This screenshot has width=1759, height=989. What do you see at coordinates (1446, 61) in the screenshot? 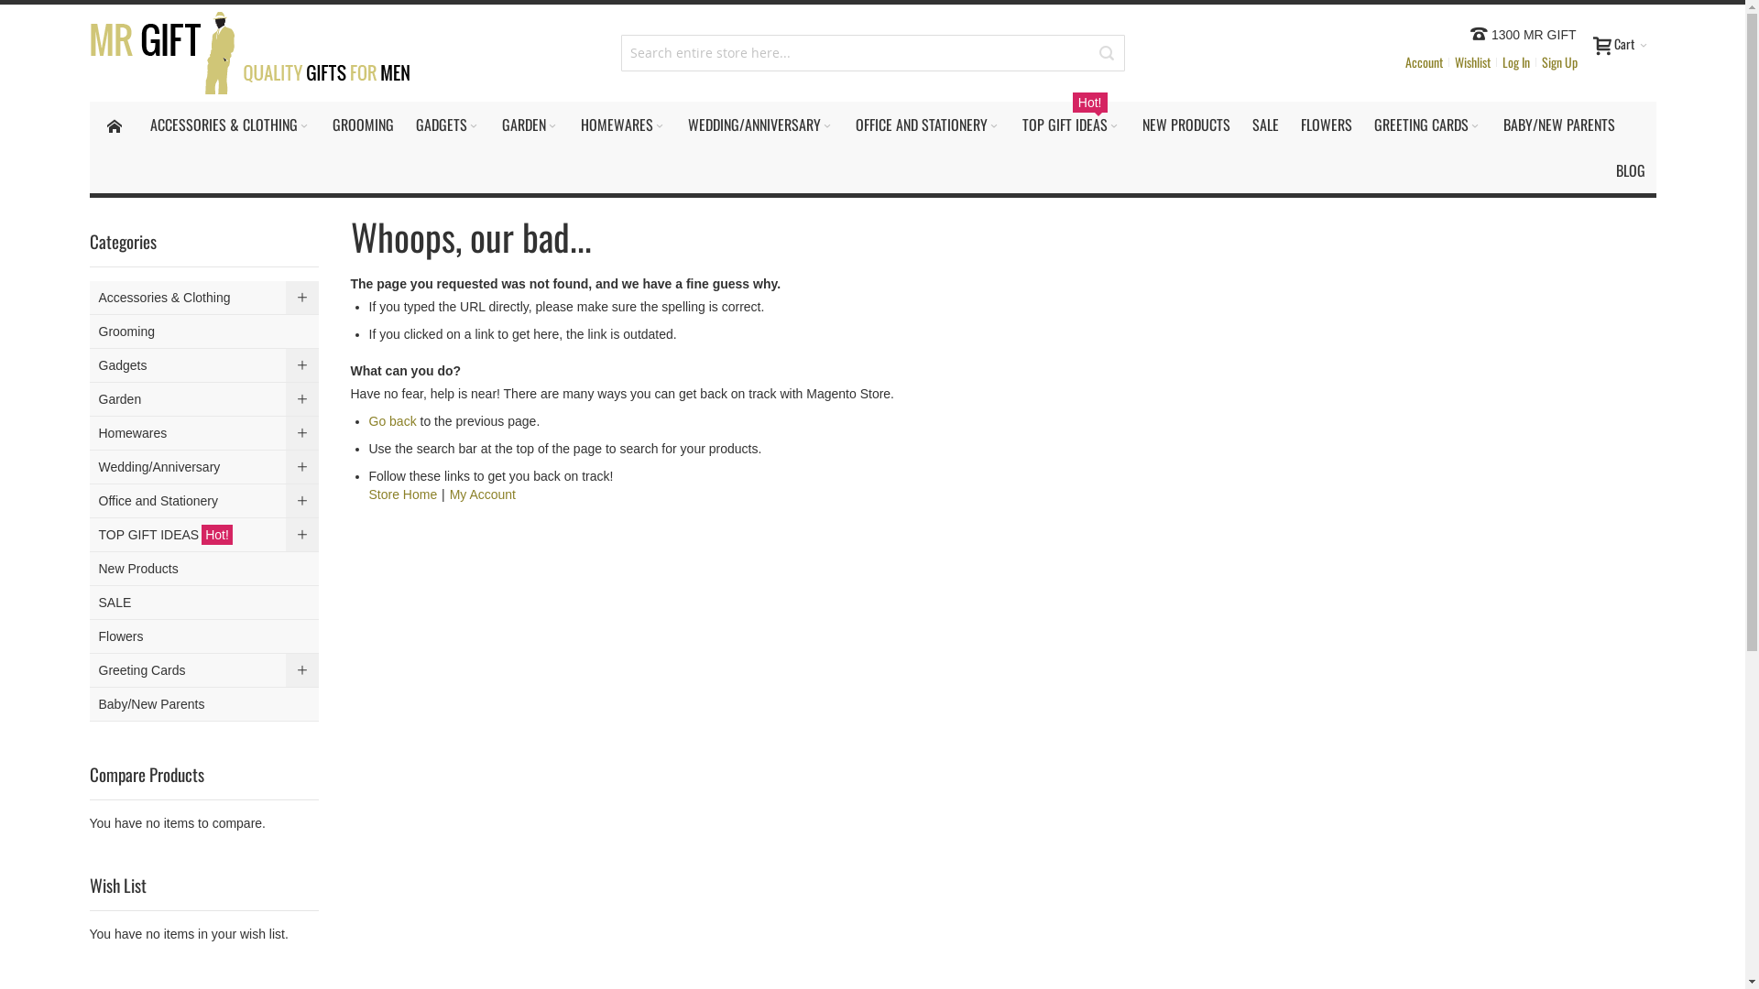
I see `'Wishlist'` at bounding box center [1446, 61].